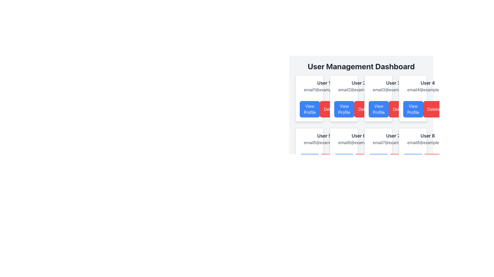  What do you see at coordinates (393, 86) in the screenshot?
I see `the text display showing 'User 3' and their email address, which is styled with a large bold name and smaller grayed email, located in the user management dashboard grid layout` at bounding box center [393, 86].